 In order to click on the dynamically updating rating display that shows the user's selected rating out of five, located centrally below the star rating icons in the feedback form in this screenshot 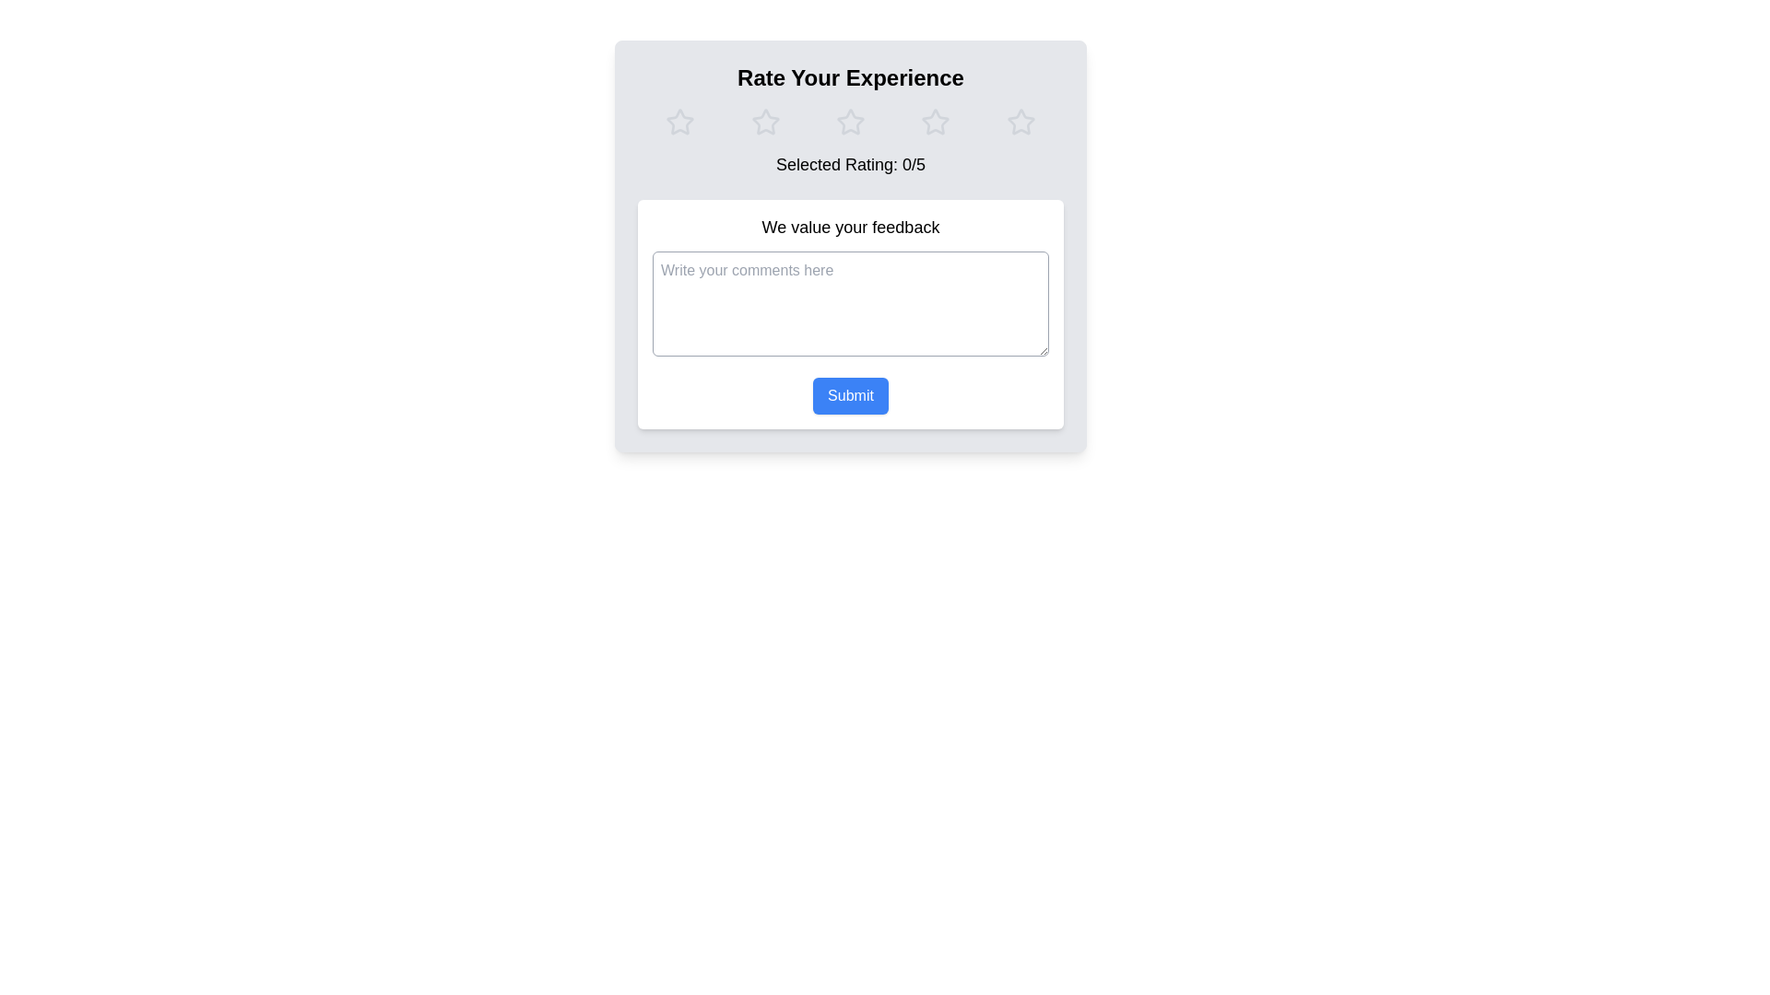, I will do `click(849, 163)`.